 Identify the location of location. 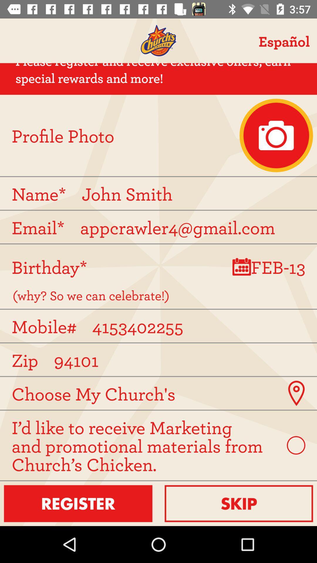
(296, 393).